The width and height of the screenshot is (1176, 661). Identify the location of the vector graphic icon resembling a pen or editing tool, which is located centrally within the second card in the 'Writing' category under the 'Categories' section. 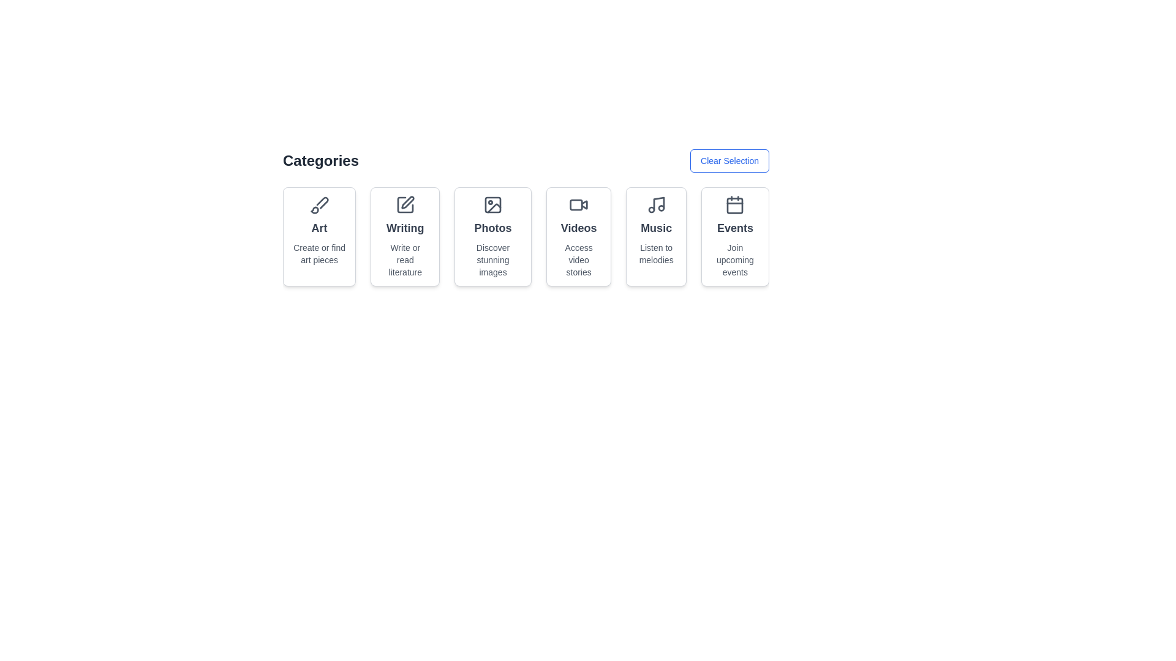
(407, 202).